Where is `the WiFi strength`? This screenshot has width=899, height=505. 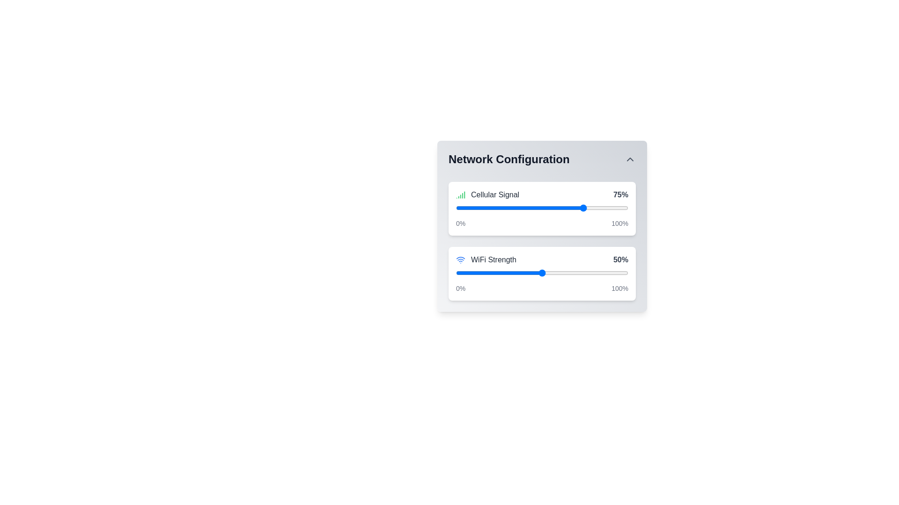 the WiFi strength is located at coordinates (584, 273).